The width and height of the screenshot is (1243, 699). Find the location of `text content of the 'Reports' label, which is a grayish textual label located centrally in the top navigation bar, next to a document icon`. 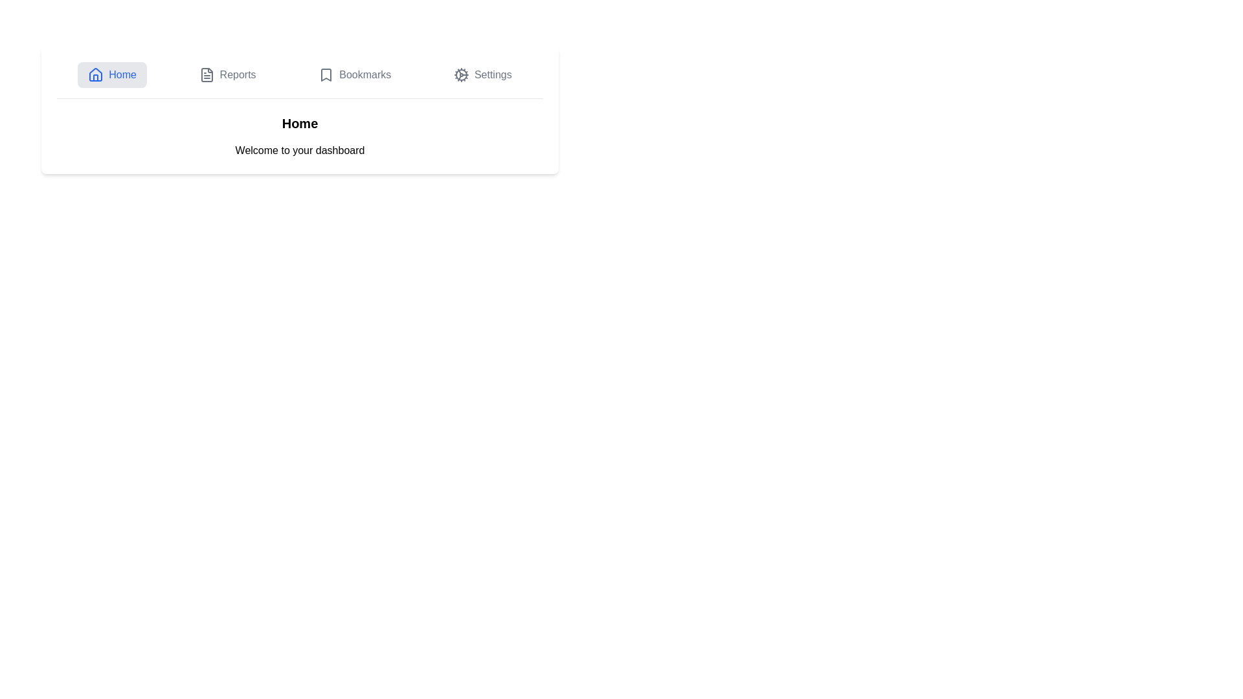

text content of the 'Reports' label, which is a grayish textual label located centrally in the top navigation bar, next to a document icon is located at coordinates (238, 74).